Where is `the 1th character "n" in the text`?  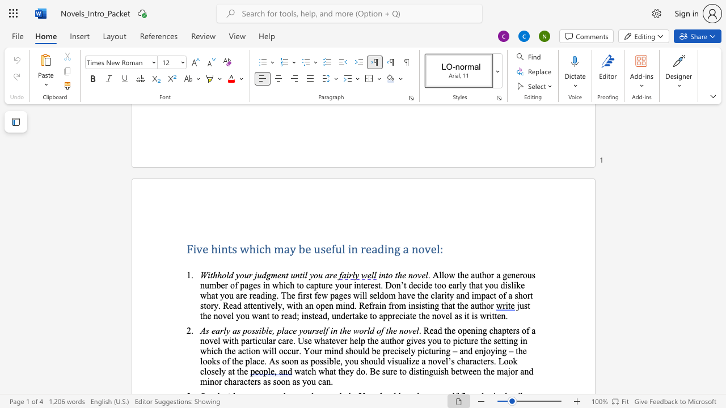
the 1th character "n" in the text is located at coordinates (383, 275).